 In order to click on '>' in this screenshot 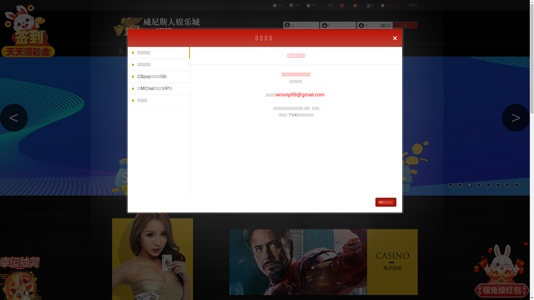, I will do `click(515, 117)`.